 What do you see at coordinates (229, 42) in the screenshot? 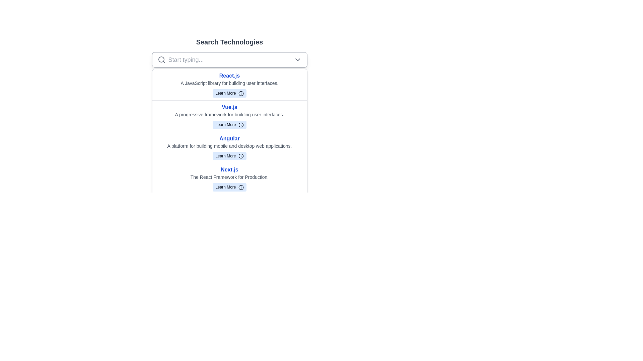
I see `the static text element that serves as the title or heading for the section below it, indicating 'Search Technologies'` at bounding box center [229, 42].